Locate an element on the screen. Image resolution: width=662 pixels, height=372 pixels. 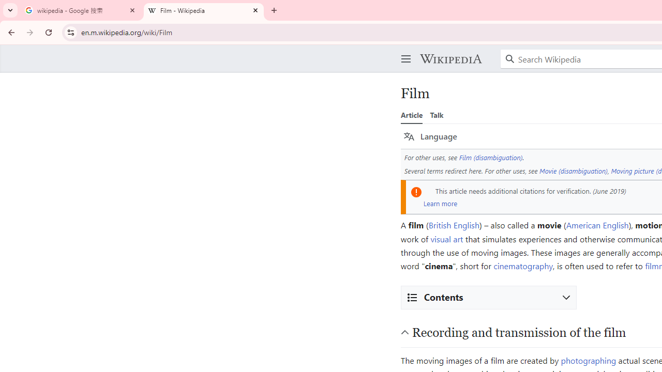
'visual art' is located at coordinates (447, 238).